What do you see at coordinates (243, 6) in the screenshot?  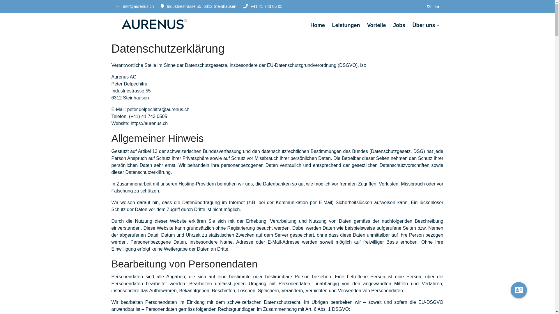 I see `'+41 41 743 05 05'` at bounding box center [243, 6].